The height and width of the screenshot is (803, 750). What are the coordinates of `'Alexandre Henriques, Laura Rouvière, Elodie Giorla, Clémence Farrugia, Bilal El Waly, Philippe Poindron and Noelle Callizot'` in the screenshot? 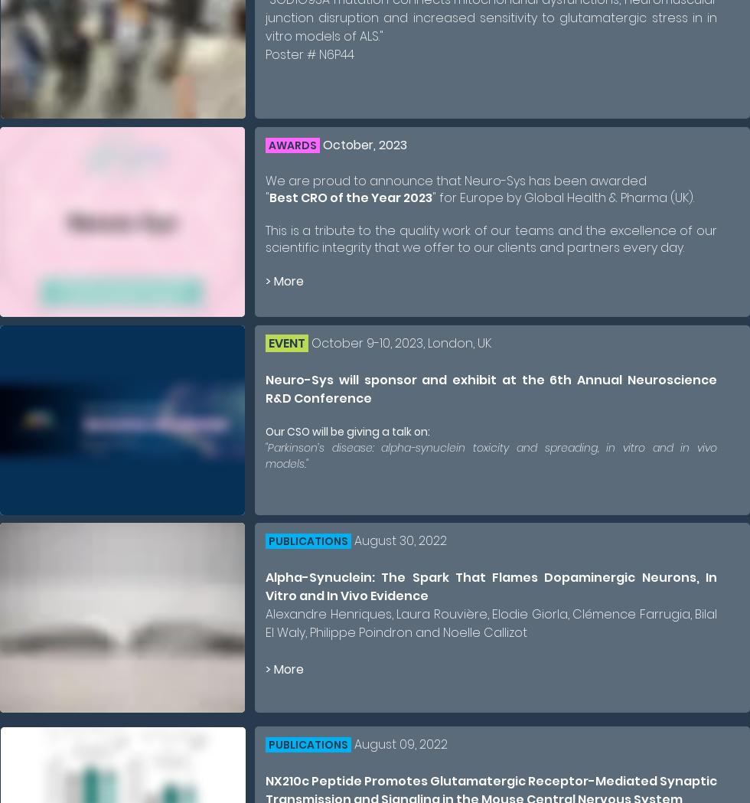 It's located at (491, 622).